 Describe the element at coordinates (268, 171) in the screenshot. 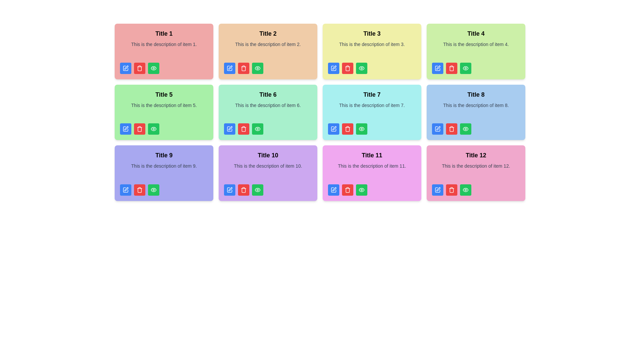

I see `the text block displaying the message 'This is the description of item 10.' which is located in the purple background card under the title 'Title 10'` at that location.